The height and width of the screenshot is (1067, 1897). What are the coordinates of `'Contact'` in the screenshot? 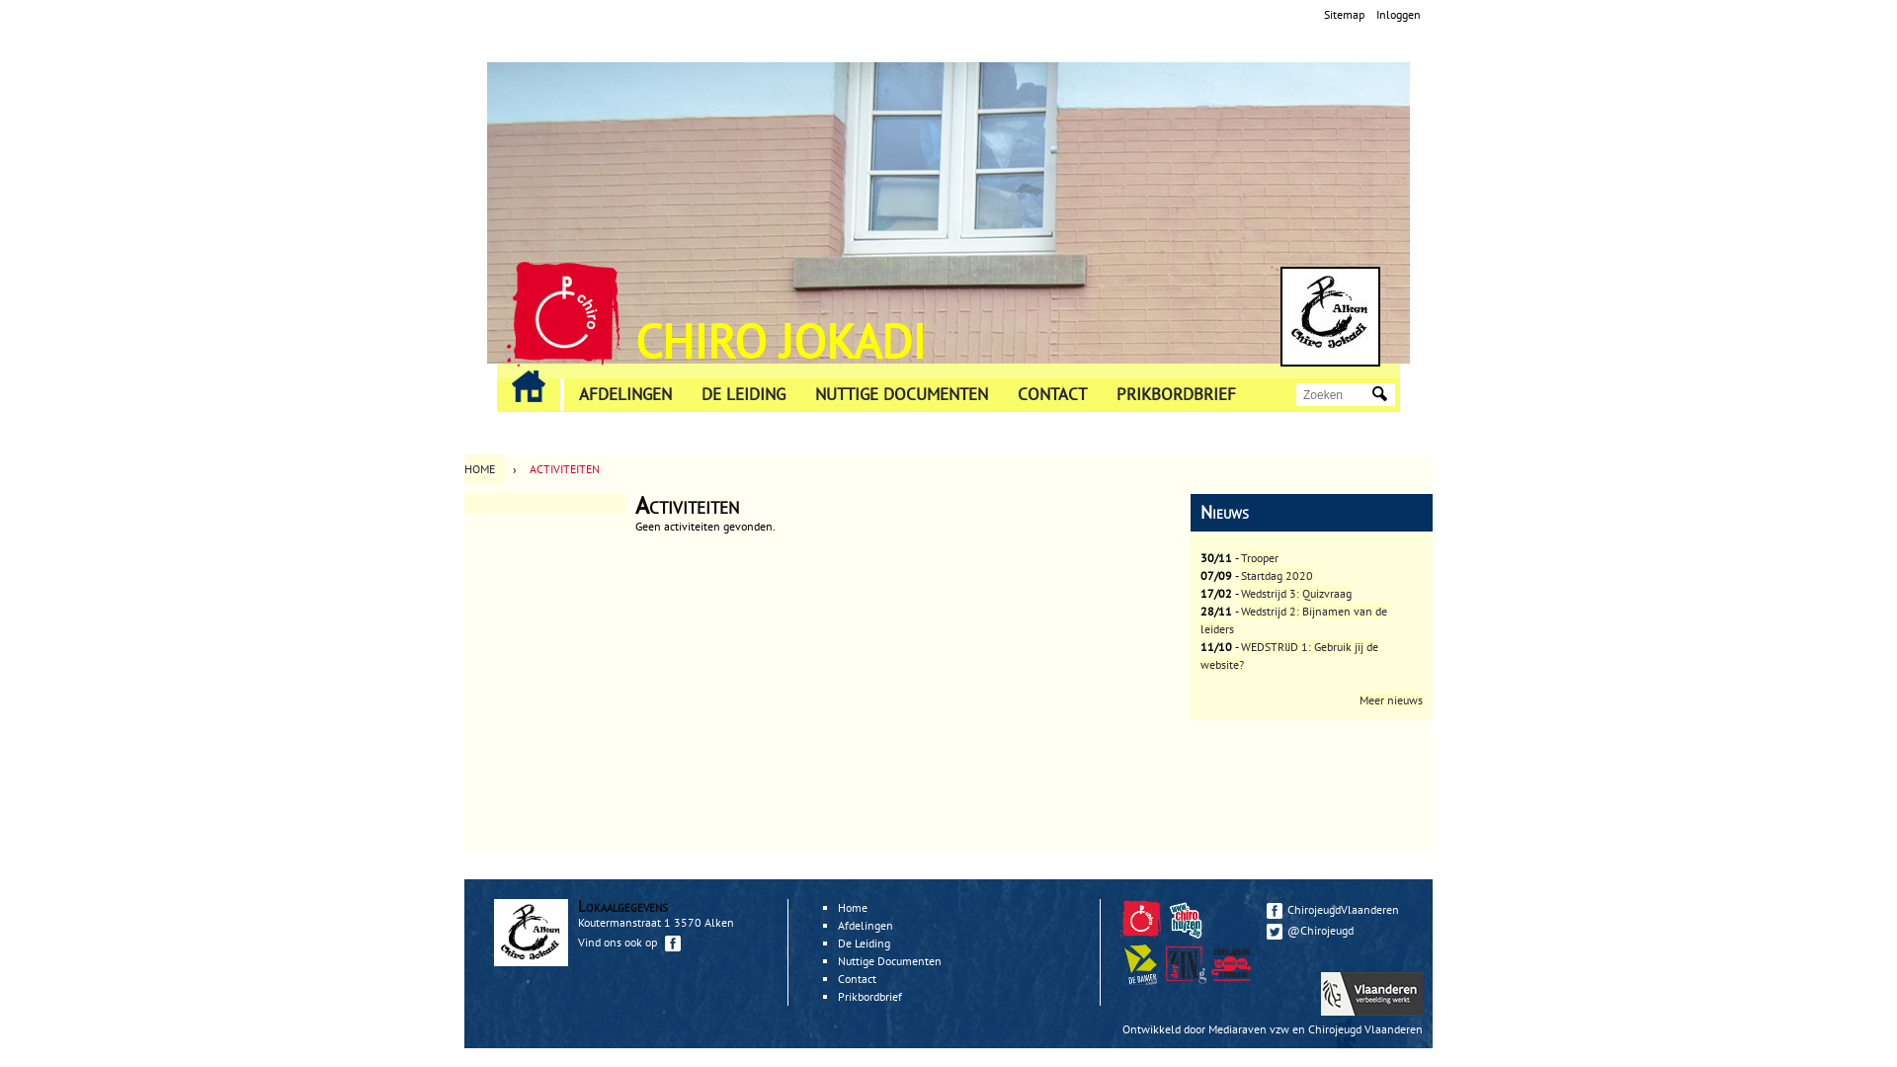 It's located at (857, 978).